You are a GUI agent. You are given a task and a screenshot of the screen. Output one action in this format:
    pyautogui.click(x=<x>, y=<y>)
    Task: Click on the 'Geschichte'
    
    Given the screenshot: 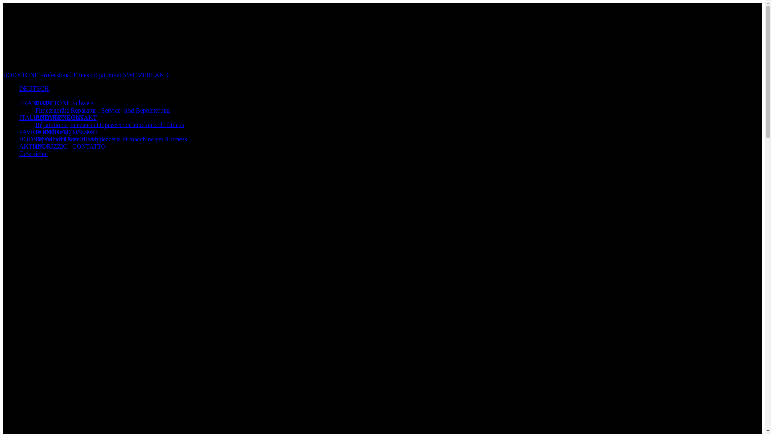 What is the action you would take?
    pyautogui.click(x=33, y=154)
    